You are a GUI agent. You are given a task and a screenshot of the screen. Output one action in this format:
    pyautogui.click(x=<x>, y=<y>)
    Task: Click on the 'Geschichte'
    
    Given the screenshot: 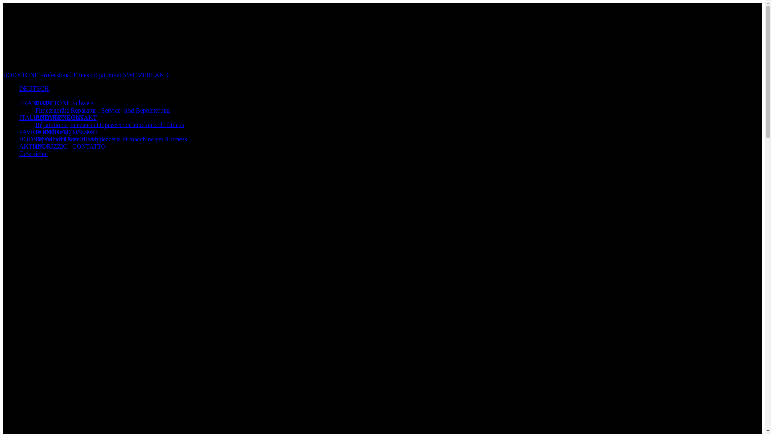 What is the action you would take?
    pyautogui.click(x=33, y=154)
    